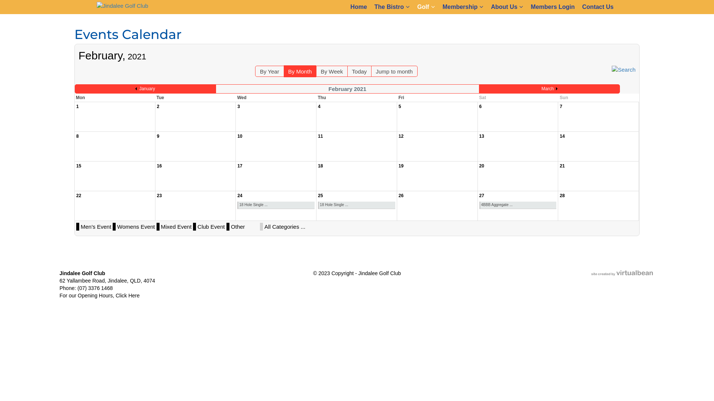  I want to click on 'Today', so click(359, 71).